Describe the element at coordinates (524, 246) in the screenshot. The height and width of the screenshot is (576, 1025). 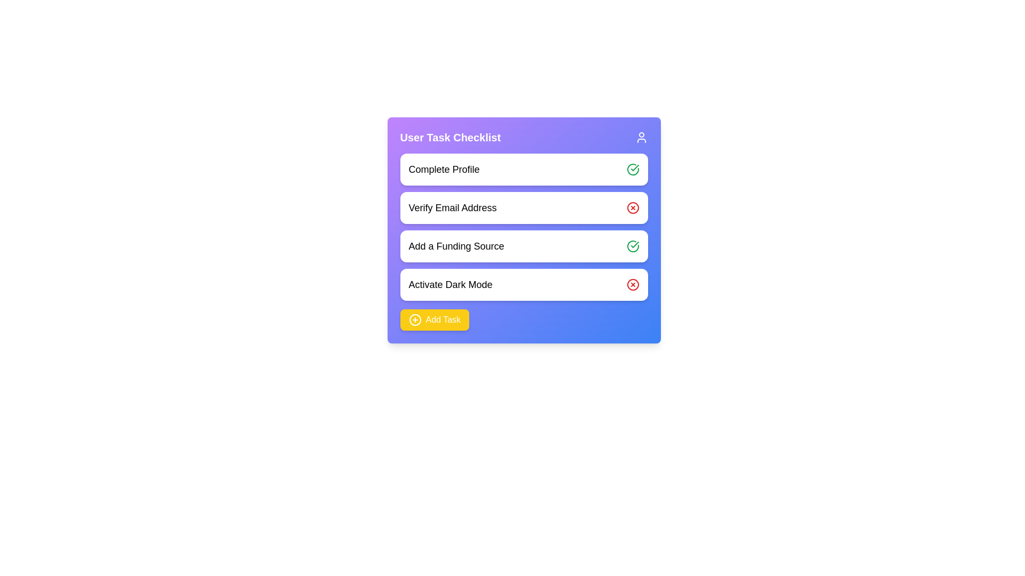
I see `the Card element representing the completed task 'Add a Funding Source'` at that location.